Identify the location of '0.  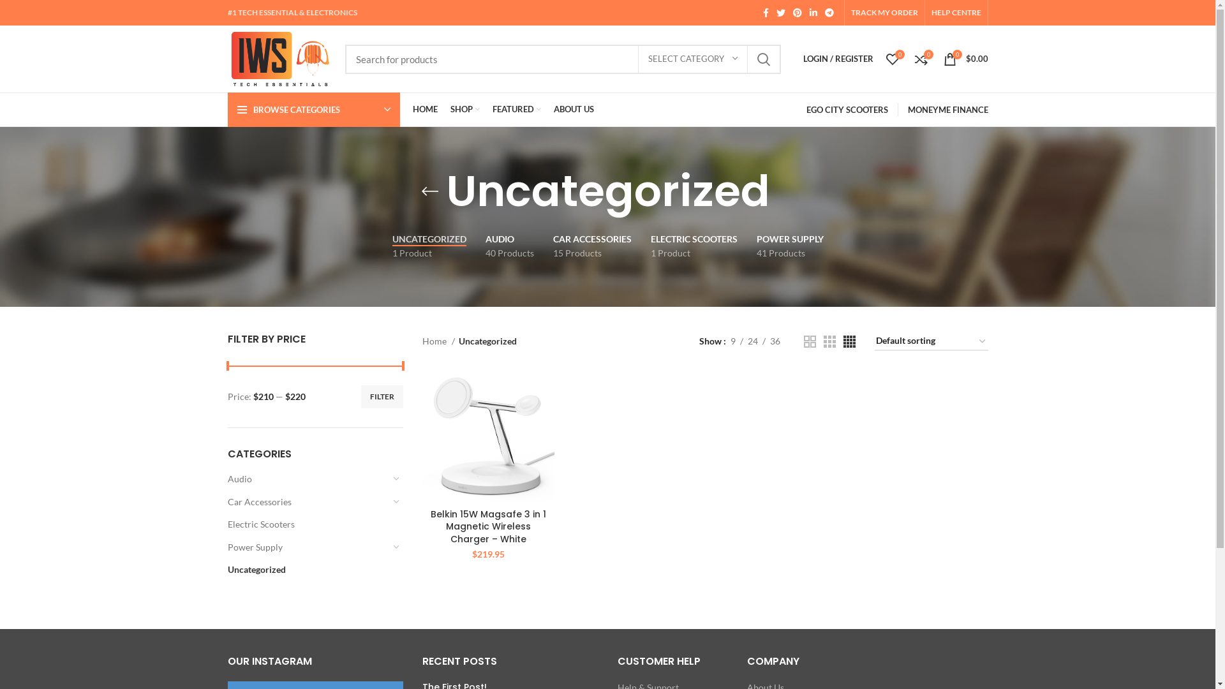
(965, 59).